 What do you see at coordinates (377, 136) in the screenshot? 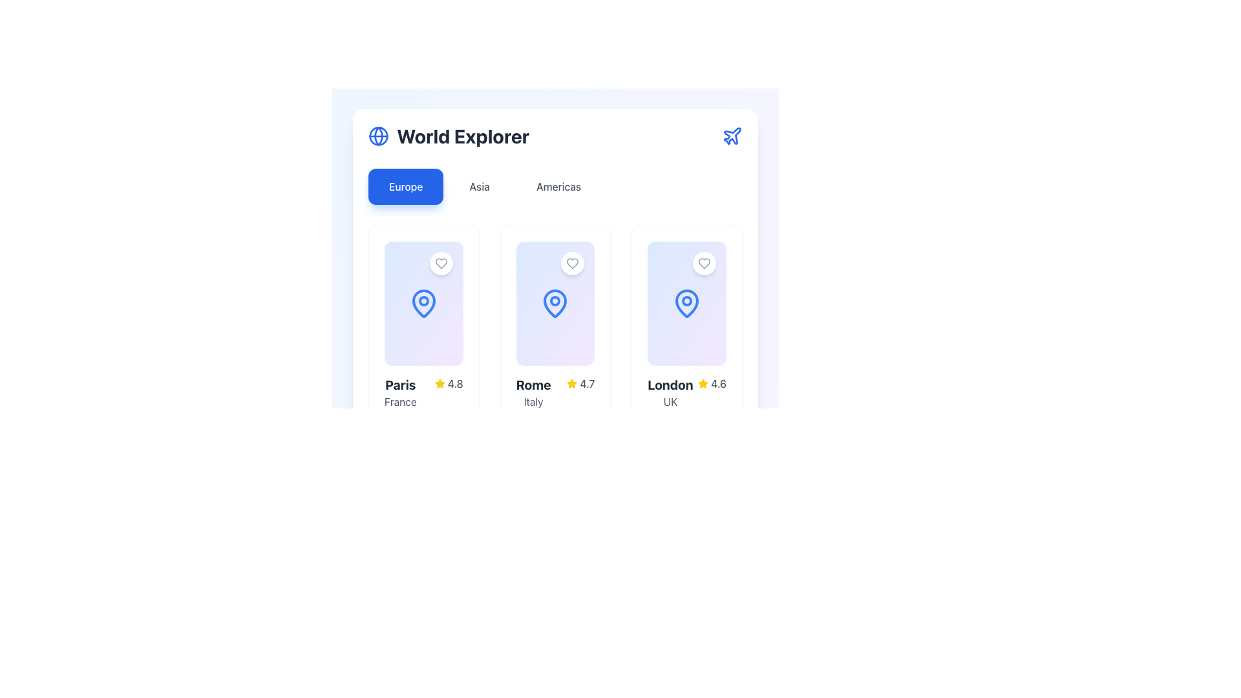
I see `the globe icon represented as a Circle within the SVG element` at bounding box center [377, 136].